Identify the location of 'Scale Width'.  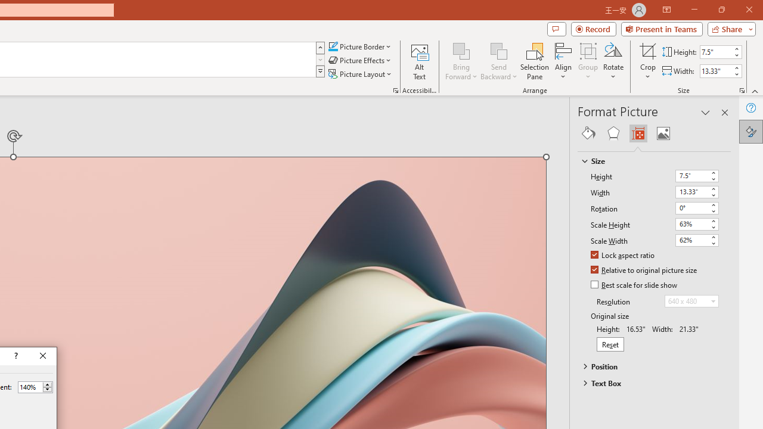
(697, 240).